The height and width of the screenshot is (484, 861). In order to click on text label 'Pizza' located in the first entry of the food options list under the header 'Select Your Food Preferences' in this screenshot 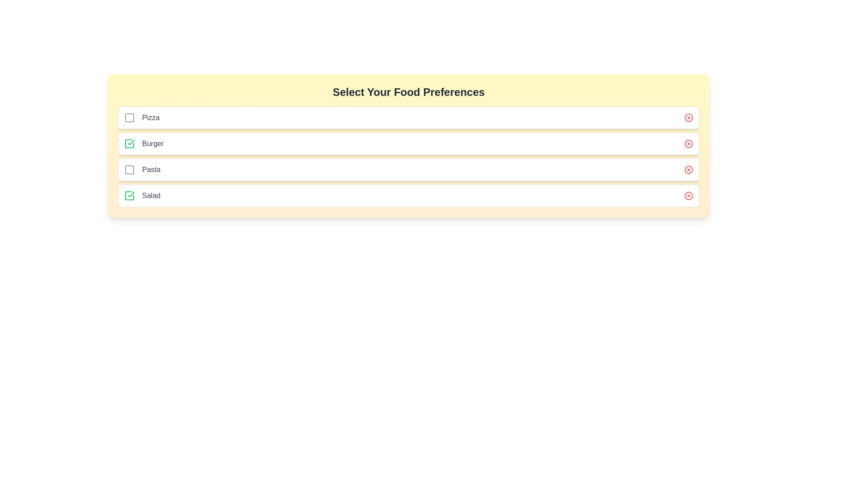, I will do `click(141, 117)`.